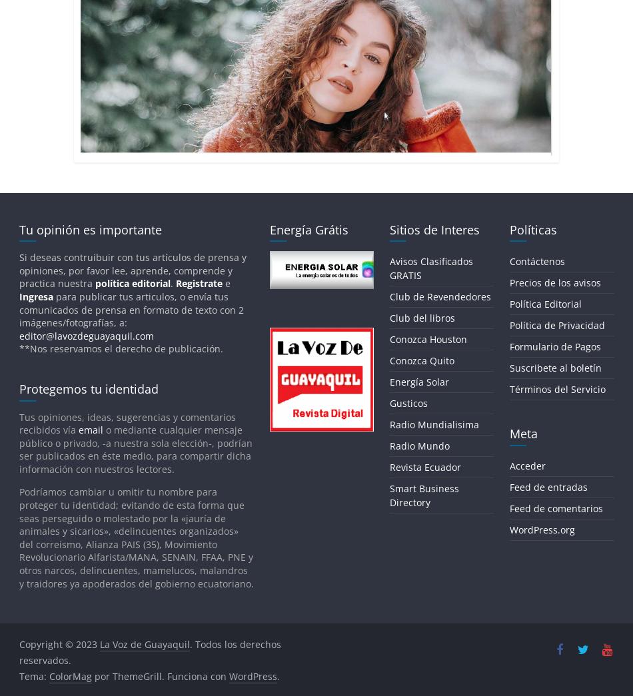 This screenshot has height=696, width=633. I want to click on 'Radio Mundialisima', so click(388, 424).